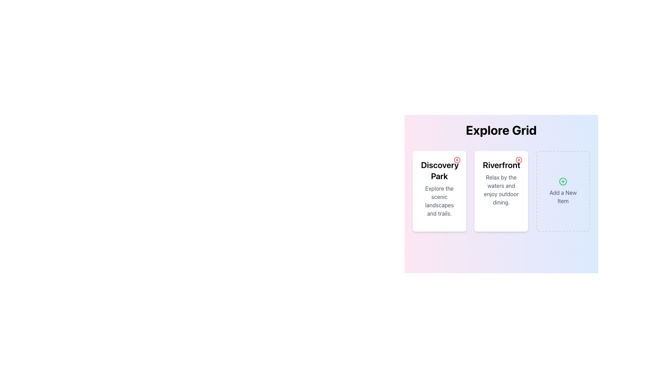 This screenshot has width=667, height=375. I want to click on the informative label located at the bottom of the right-most card in a 3-card horizontal layout, which indicates the purpose of adding a new item to a list, so click(563, 197).